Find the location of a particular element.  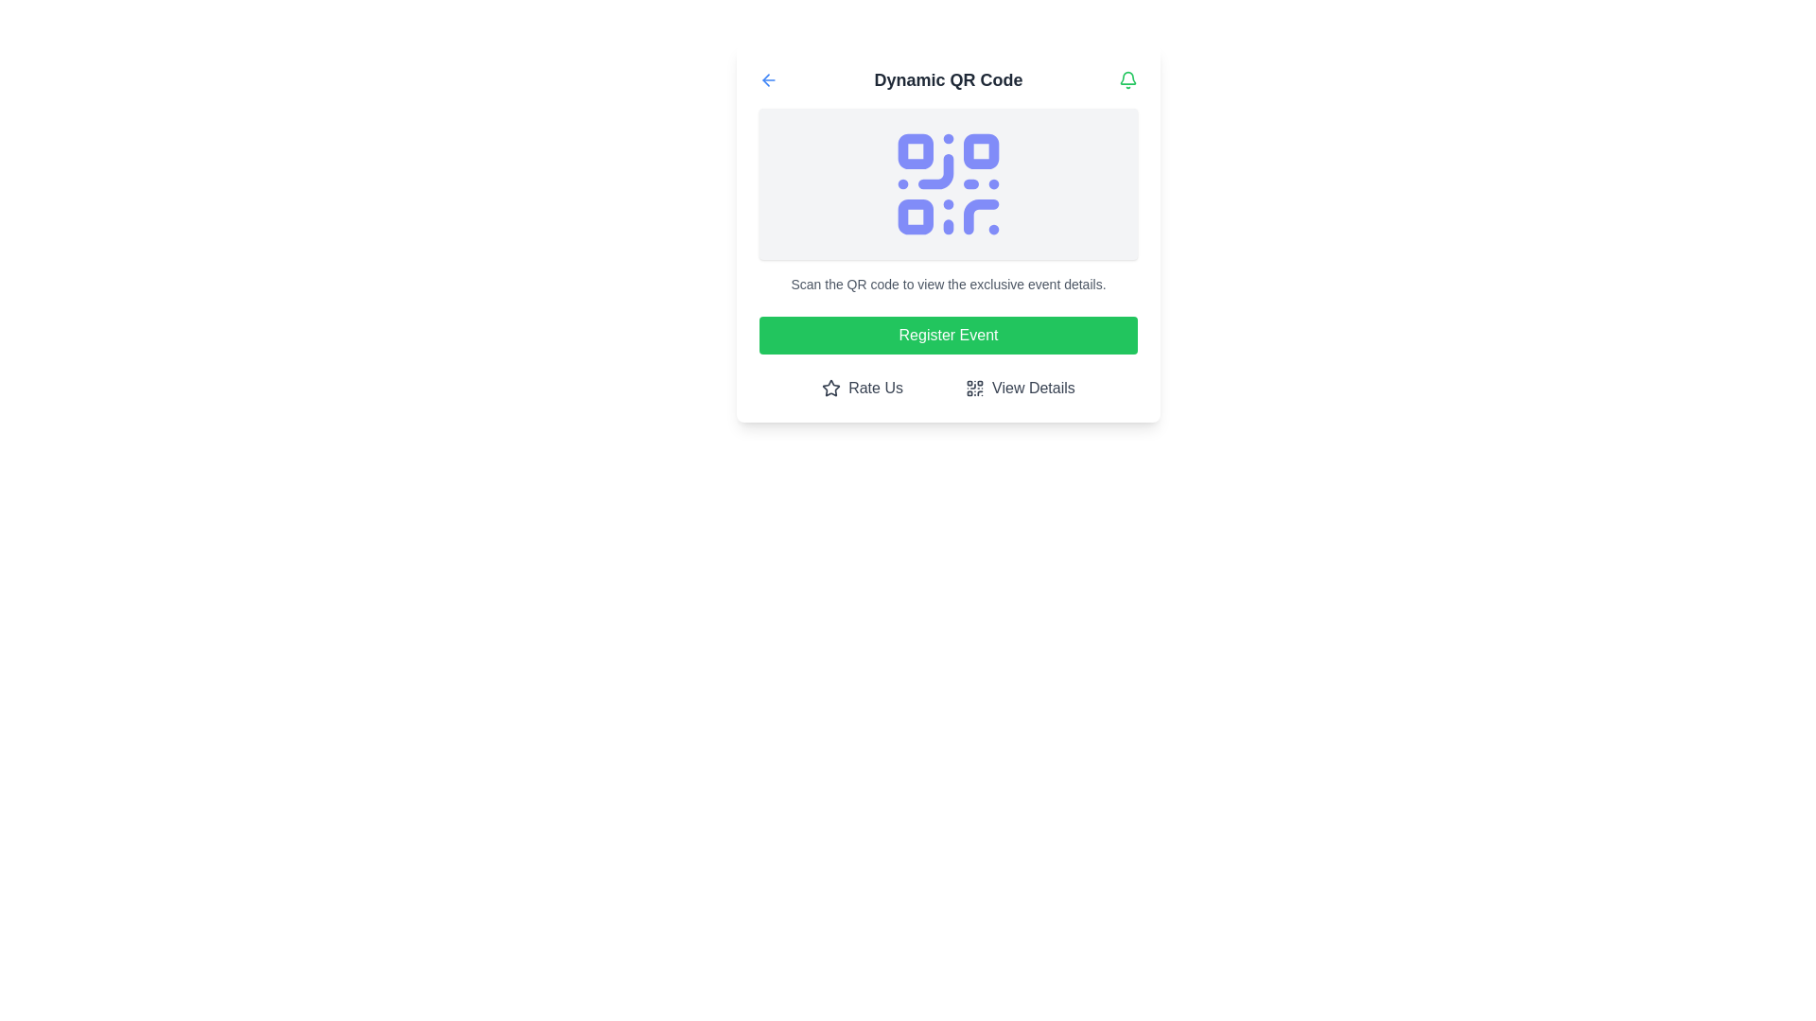

the 'Rate Us' button featuring a star icon is located at coordinates (862, 388).